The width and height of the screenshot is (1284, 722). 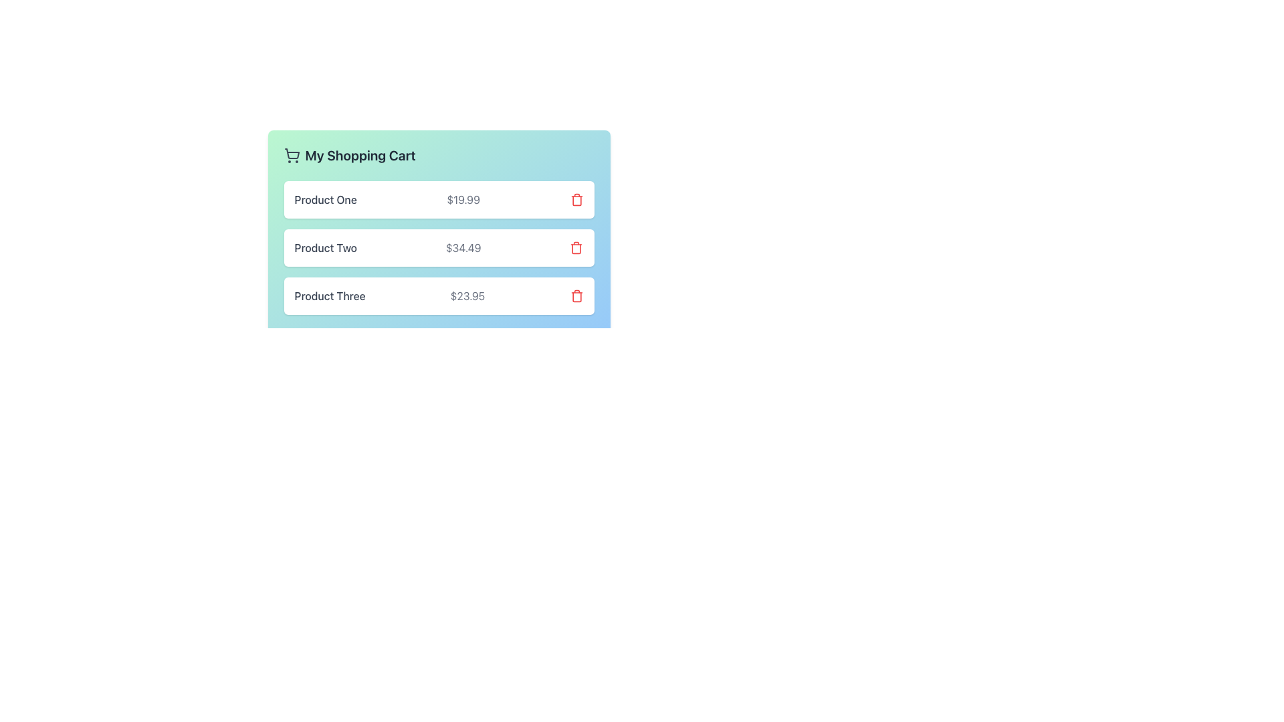 I want to click on the shopping cart icon element that represents the base structure of the shopping cart, which is centrally located in the main interface header, to the left of the text 'My Shopping Cart', so click(x=291, y=153).